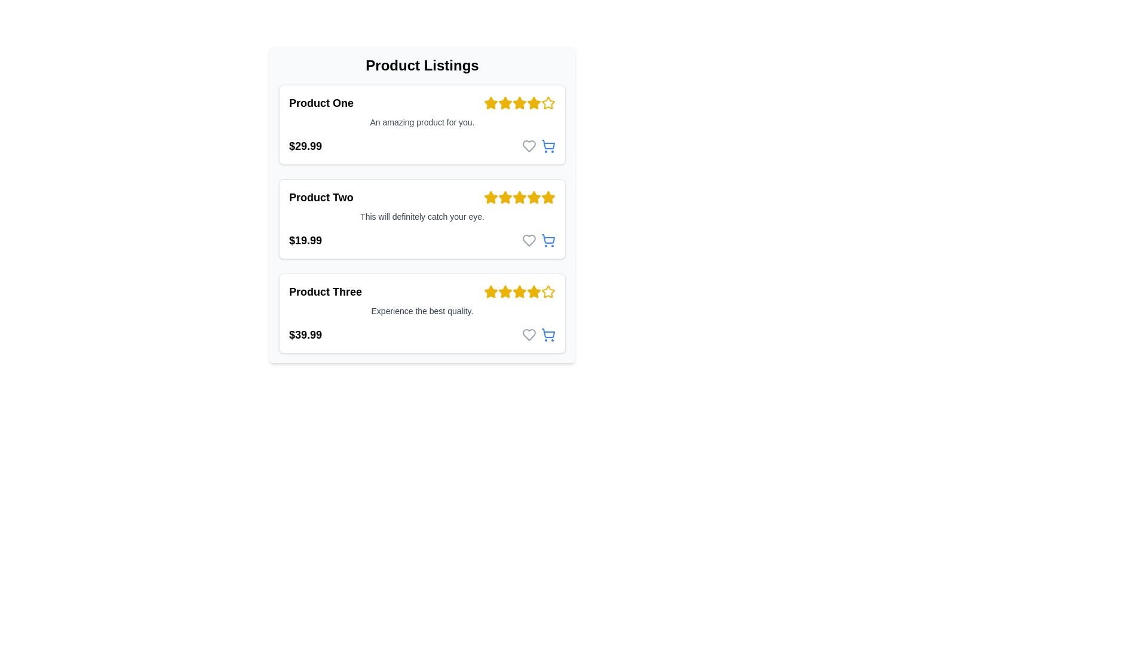 This screenshot has width=1147, height=645. What do you see at coordinates (519, 102) in the screenshot?
I see `the fourth star icon in the 5-star rating component of the first product listing to assign a rating` at bounding box center [519, 102].